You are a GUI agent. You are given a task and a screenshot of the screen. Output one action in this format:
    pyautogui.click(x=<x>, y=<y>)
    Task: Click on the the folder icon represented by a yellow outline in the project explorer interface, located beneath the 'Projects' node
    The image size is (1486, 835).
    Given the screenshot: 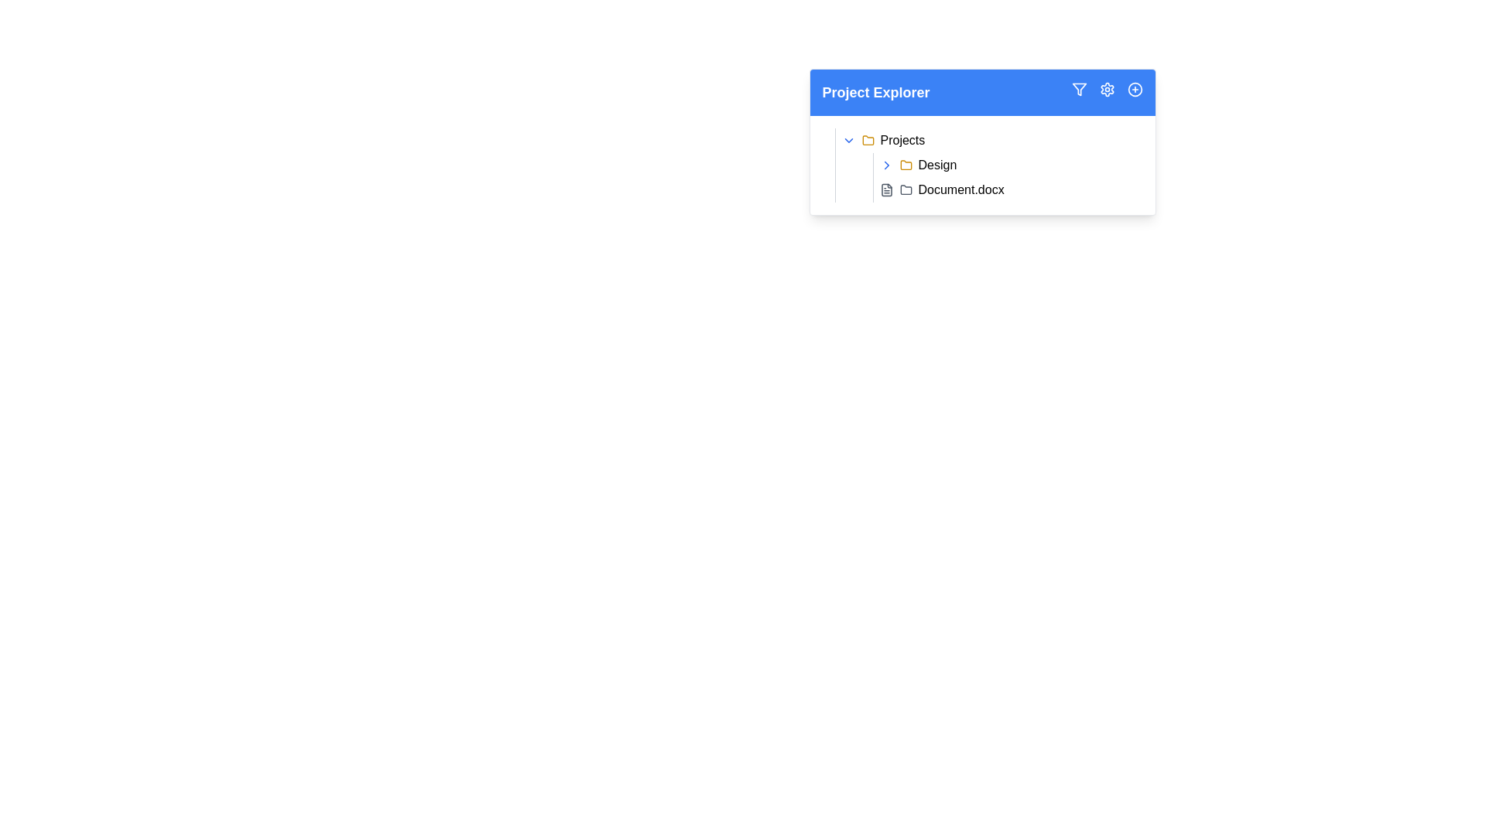 What is the action you would take?
    pyautogui.click(x=868, y=140)
    